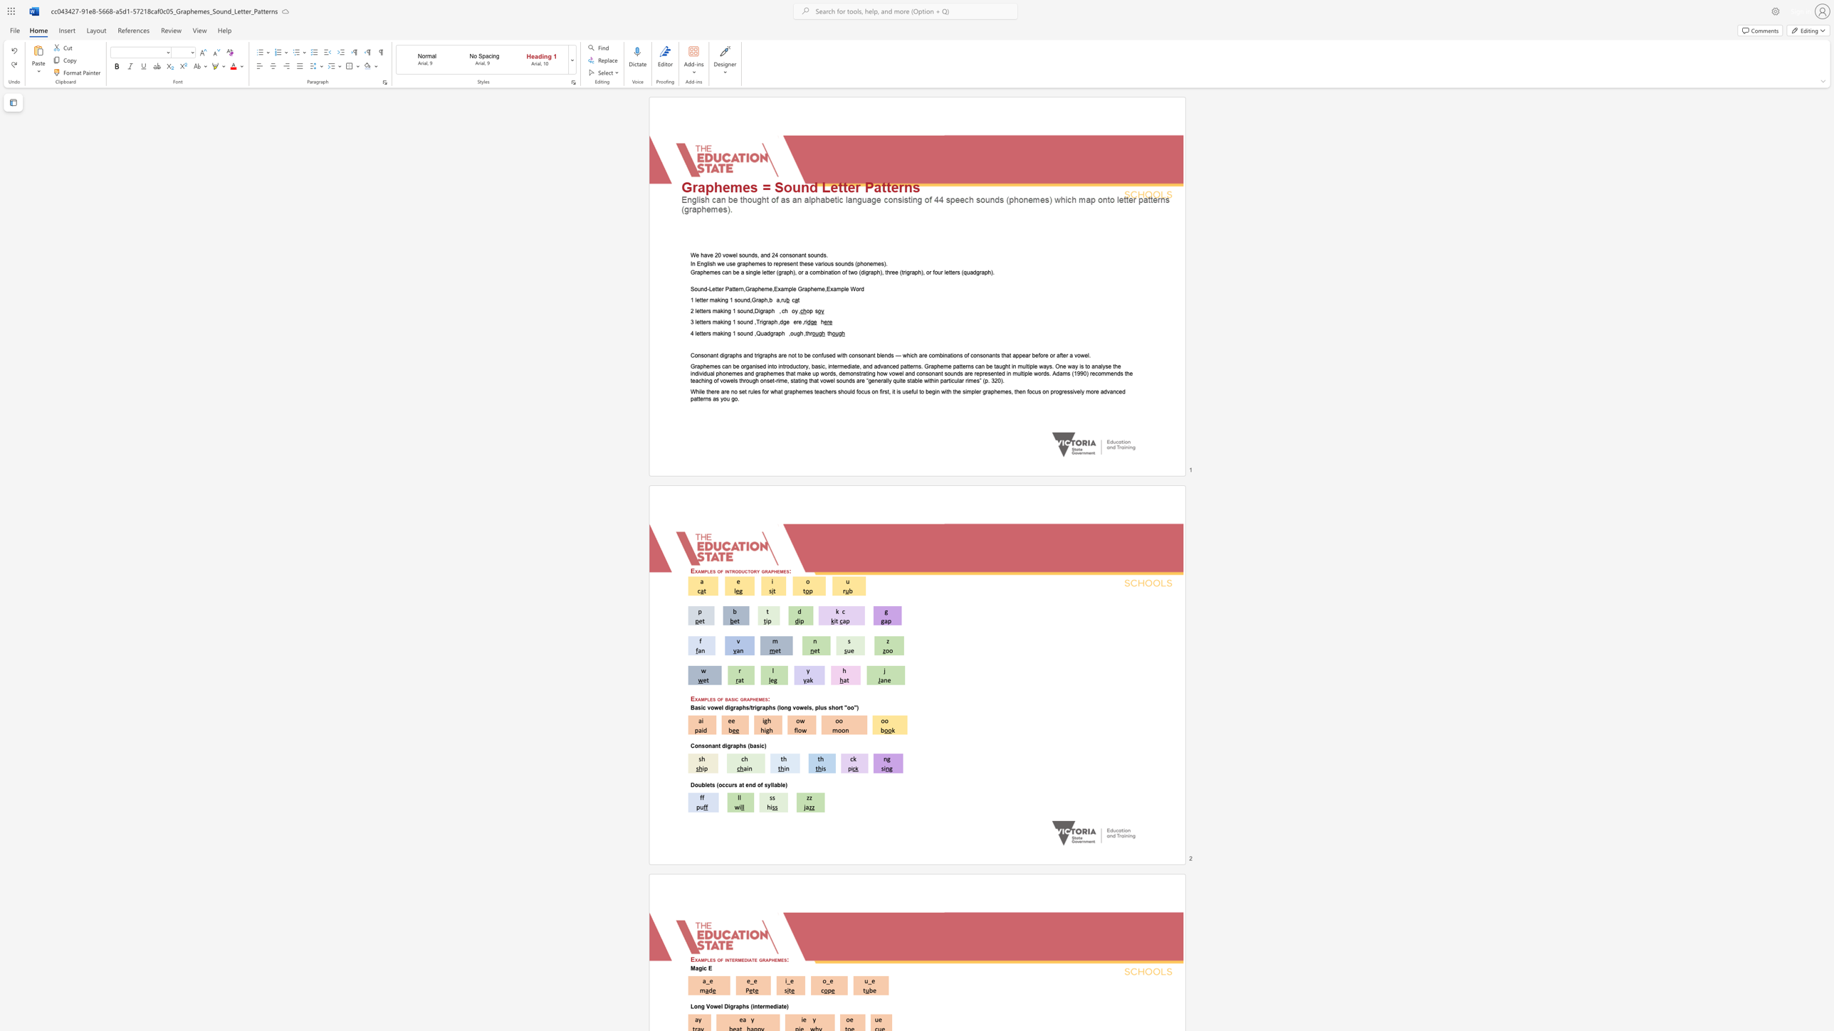 This screenshot has width=1834, height=1031. I want to click on the subset text "sh we use graph" within the text "In English we use graphemes to represent these various sounds (phonemes).", so click(709, 263).